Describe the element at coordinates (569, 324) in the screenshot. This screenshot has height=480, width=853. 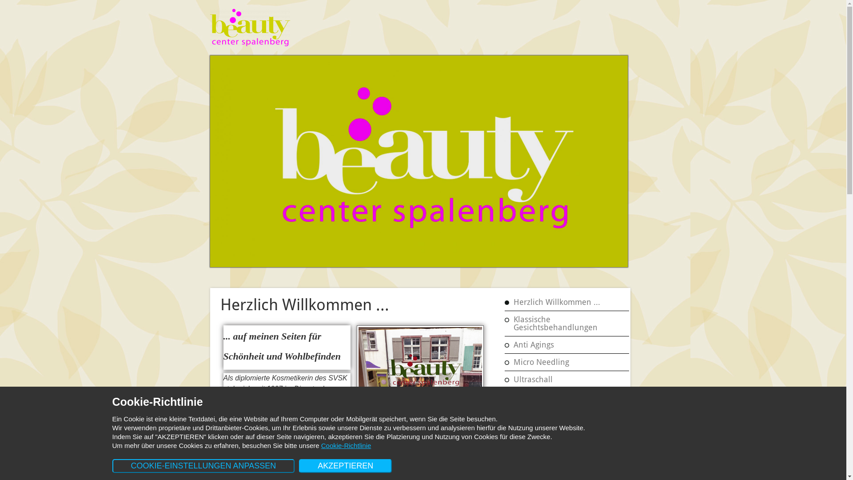
I see `'Klassische Gesichtsbehandlungen'` at that location.